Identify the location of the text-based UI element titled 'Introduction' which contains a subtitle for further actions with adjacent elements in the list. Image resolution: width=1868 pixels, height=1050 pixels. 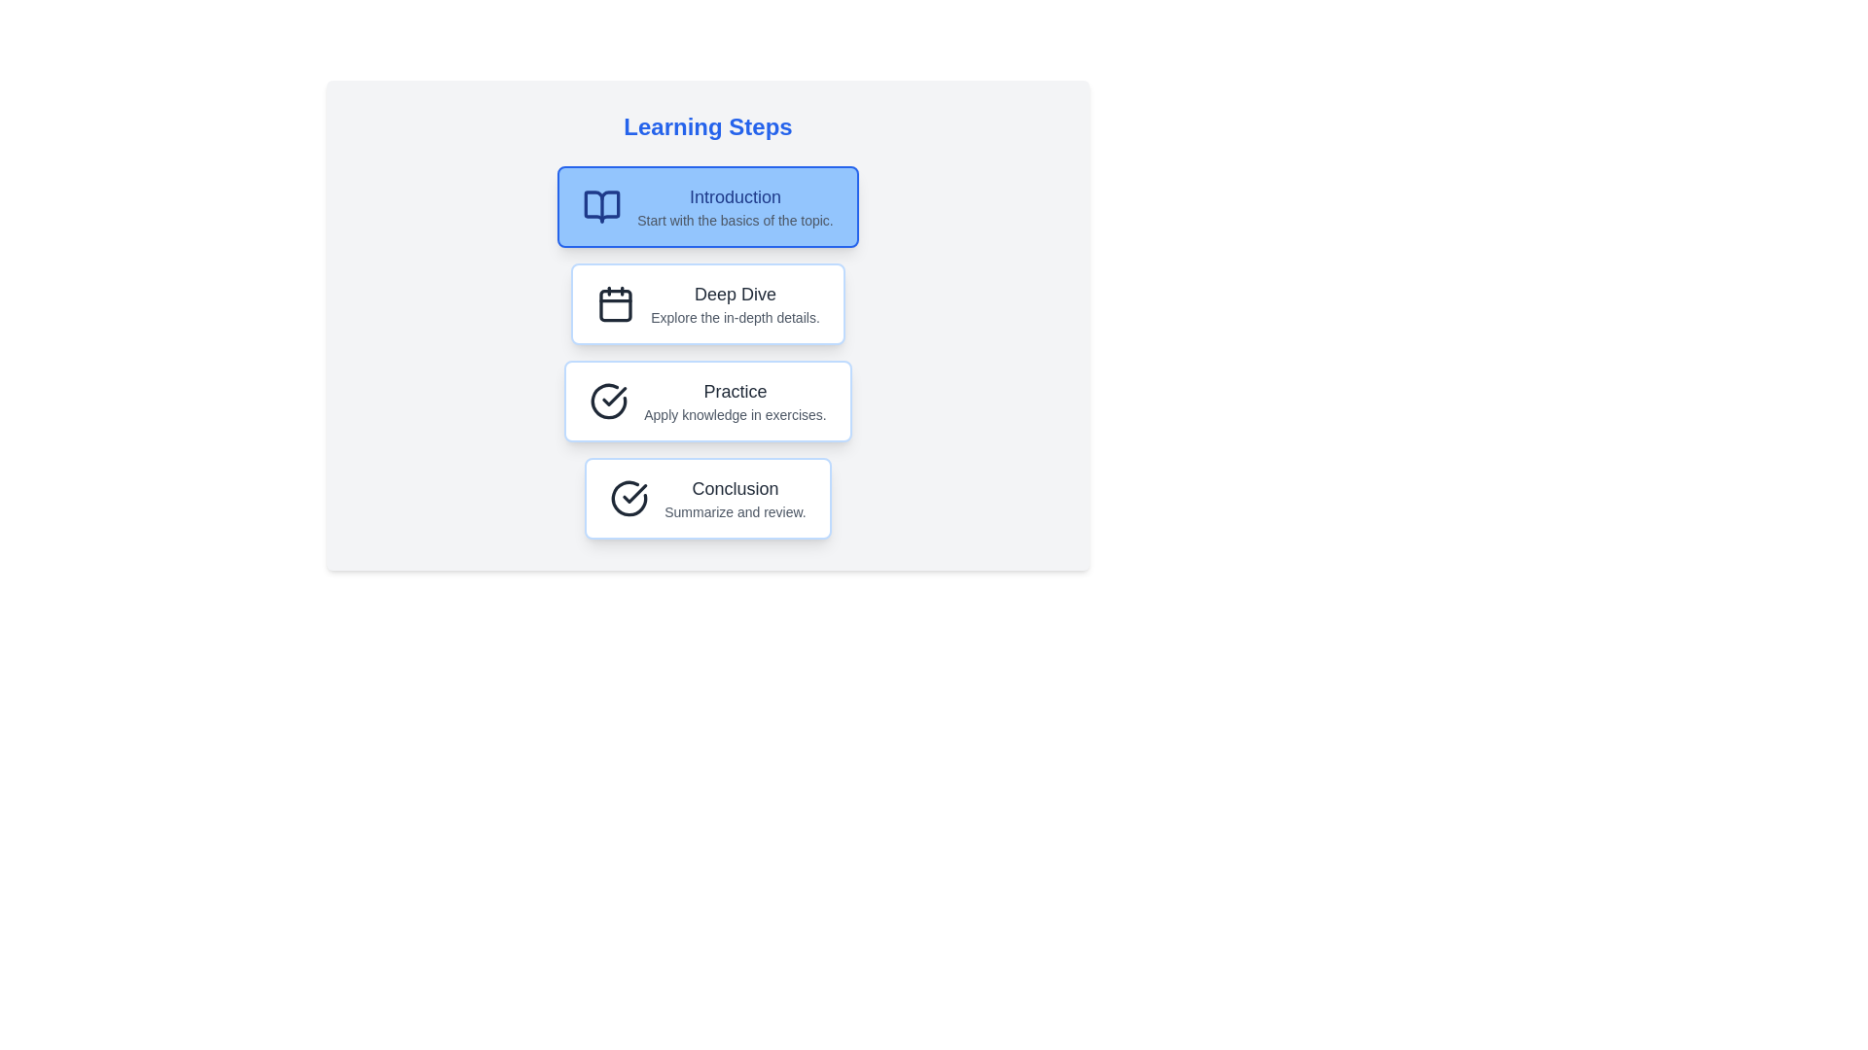
(734, 206).